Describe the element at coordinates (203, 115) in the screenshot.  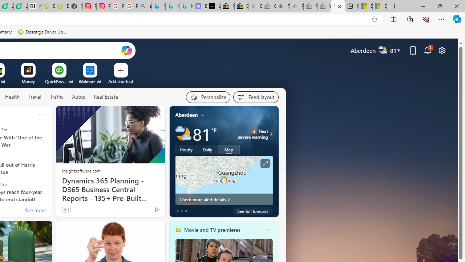
I see `'My location'` at that location.